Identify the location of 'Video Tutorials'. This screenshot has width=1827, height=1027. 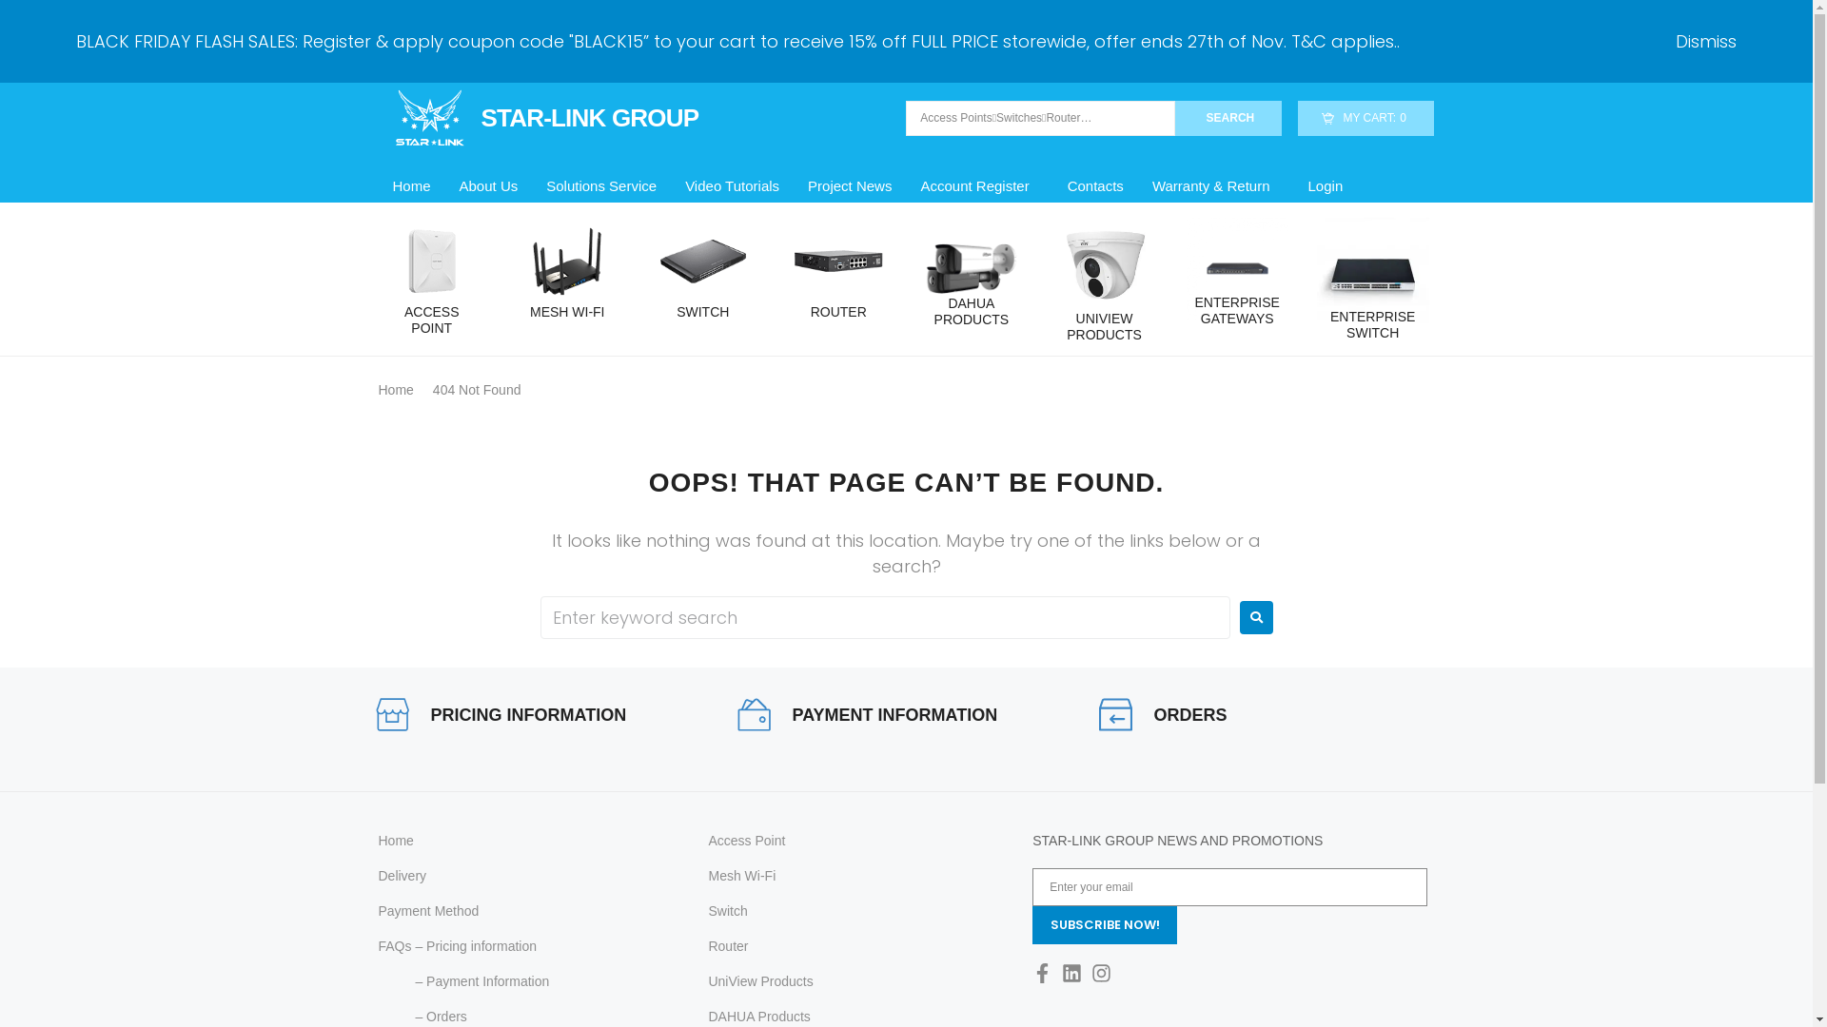
(671, 186).